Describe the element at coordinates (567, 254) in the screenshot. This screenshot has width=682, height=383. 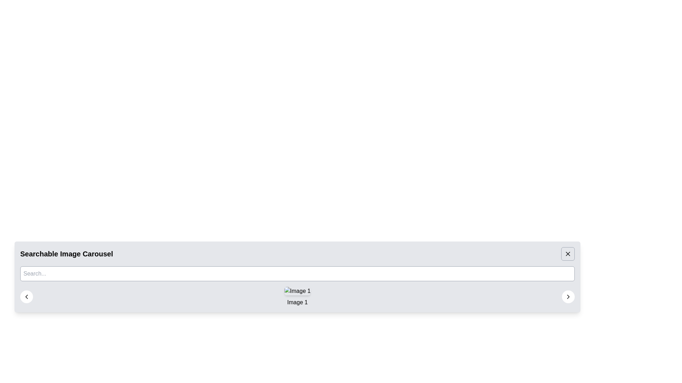
I see `the close icon located at the top-right corner of the search bar interface` at that location.